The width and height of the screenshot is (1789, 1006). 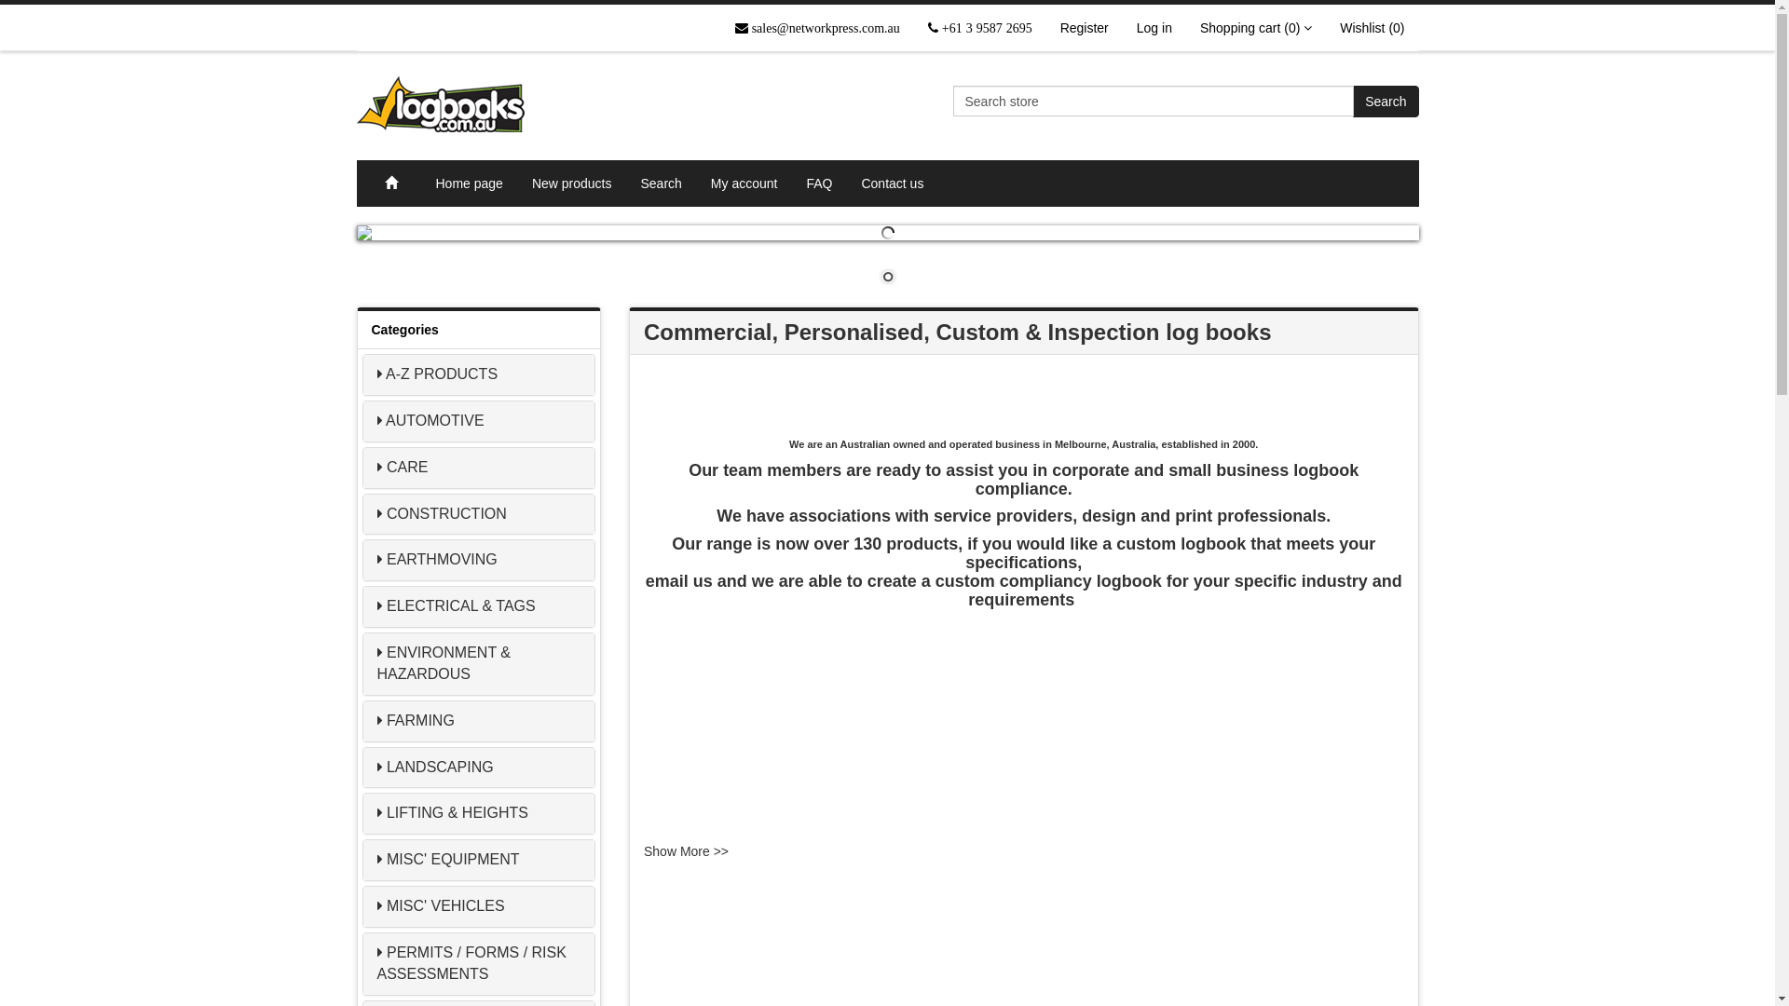 I want to click on '+61 3 9587 2695', so click(x=978, y=28).